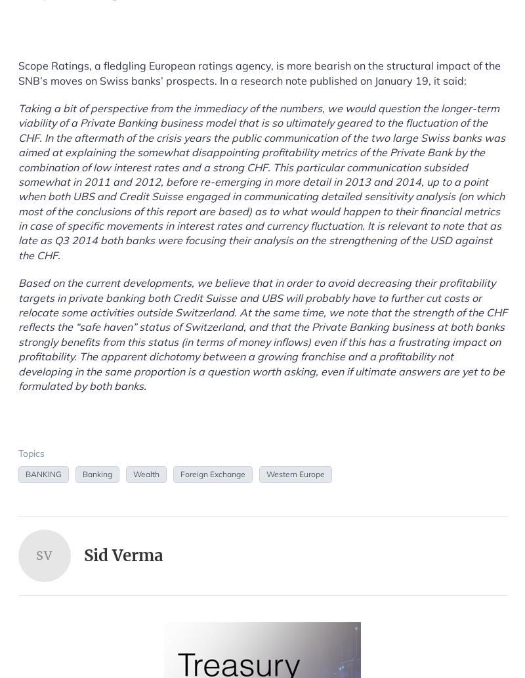  What do you see at coordinates (44, 555) in the screenshot?
I see `'SV'` at bounding box center [44, 555].